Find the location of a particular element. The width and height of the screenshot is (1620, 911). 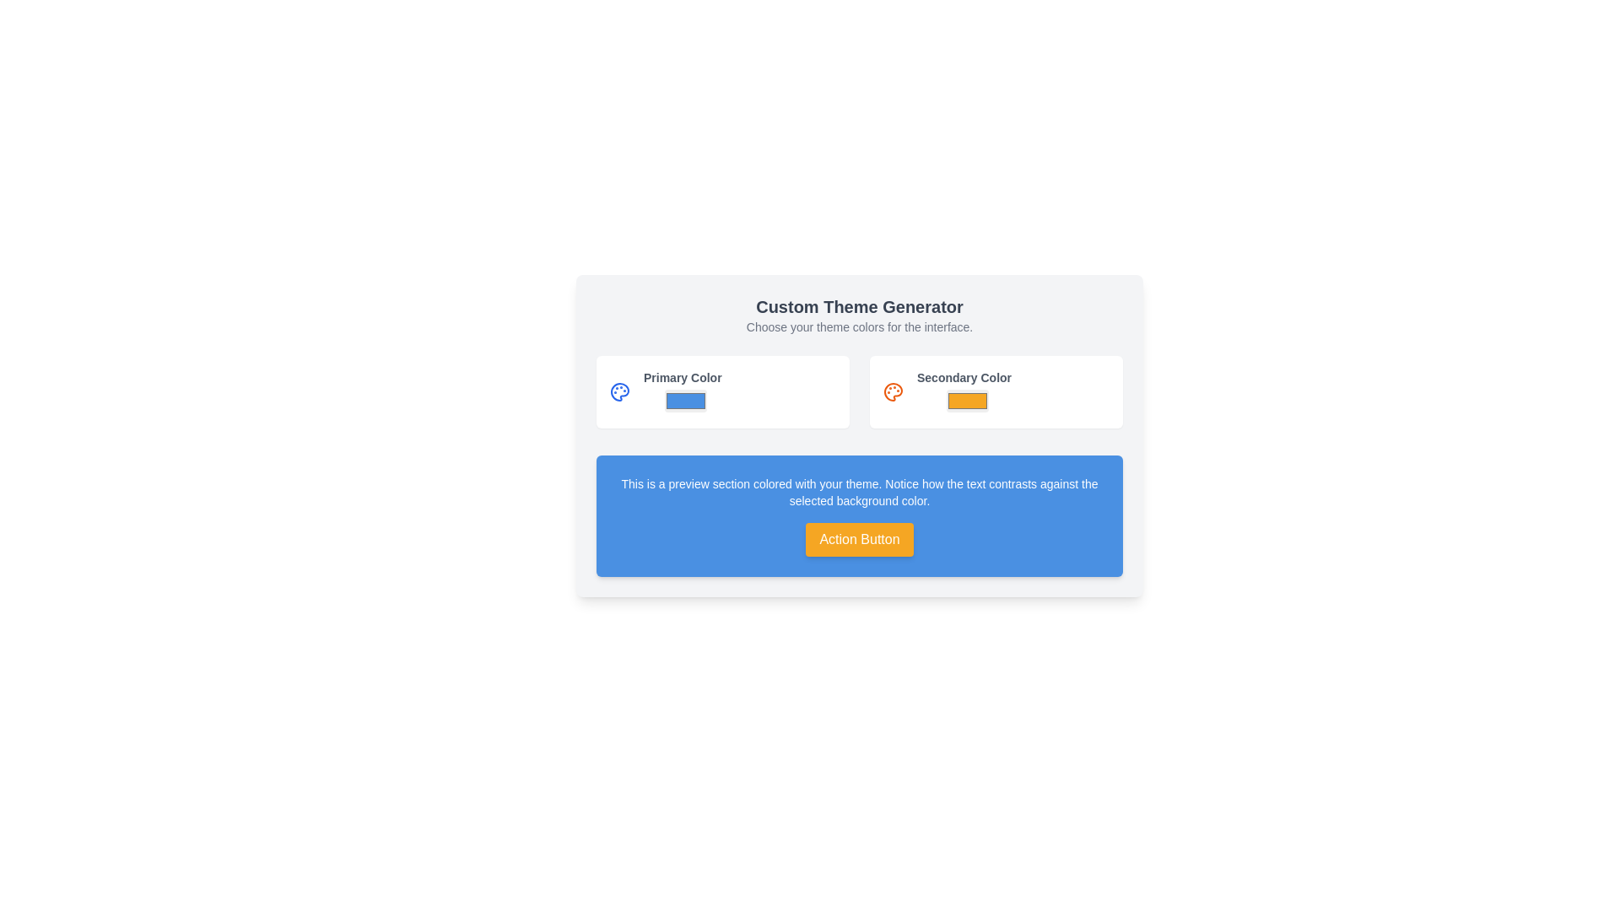

text from the 'Secondary Color' label, which is a small and bold gray text located in the top-right portion of the Custom Theme Generator interface is located at coordinates (964, 376).